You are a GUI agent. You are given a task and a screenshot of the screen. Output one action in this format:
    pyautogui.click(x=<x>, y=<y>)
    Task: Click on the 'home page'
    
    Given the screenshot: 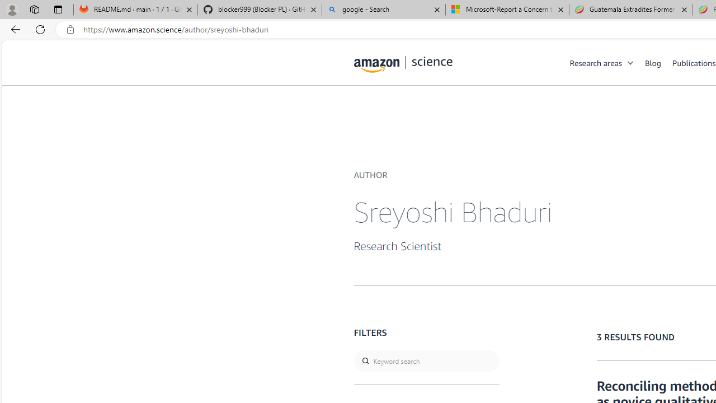 What is the action you would take?
    pyautogui.click(x=403, y=62)
    